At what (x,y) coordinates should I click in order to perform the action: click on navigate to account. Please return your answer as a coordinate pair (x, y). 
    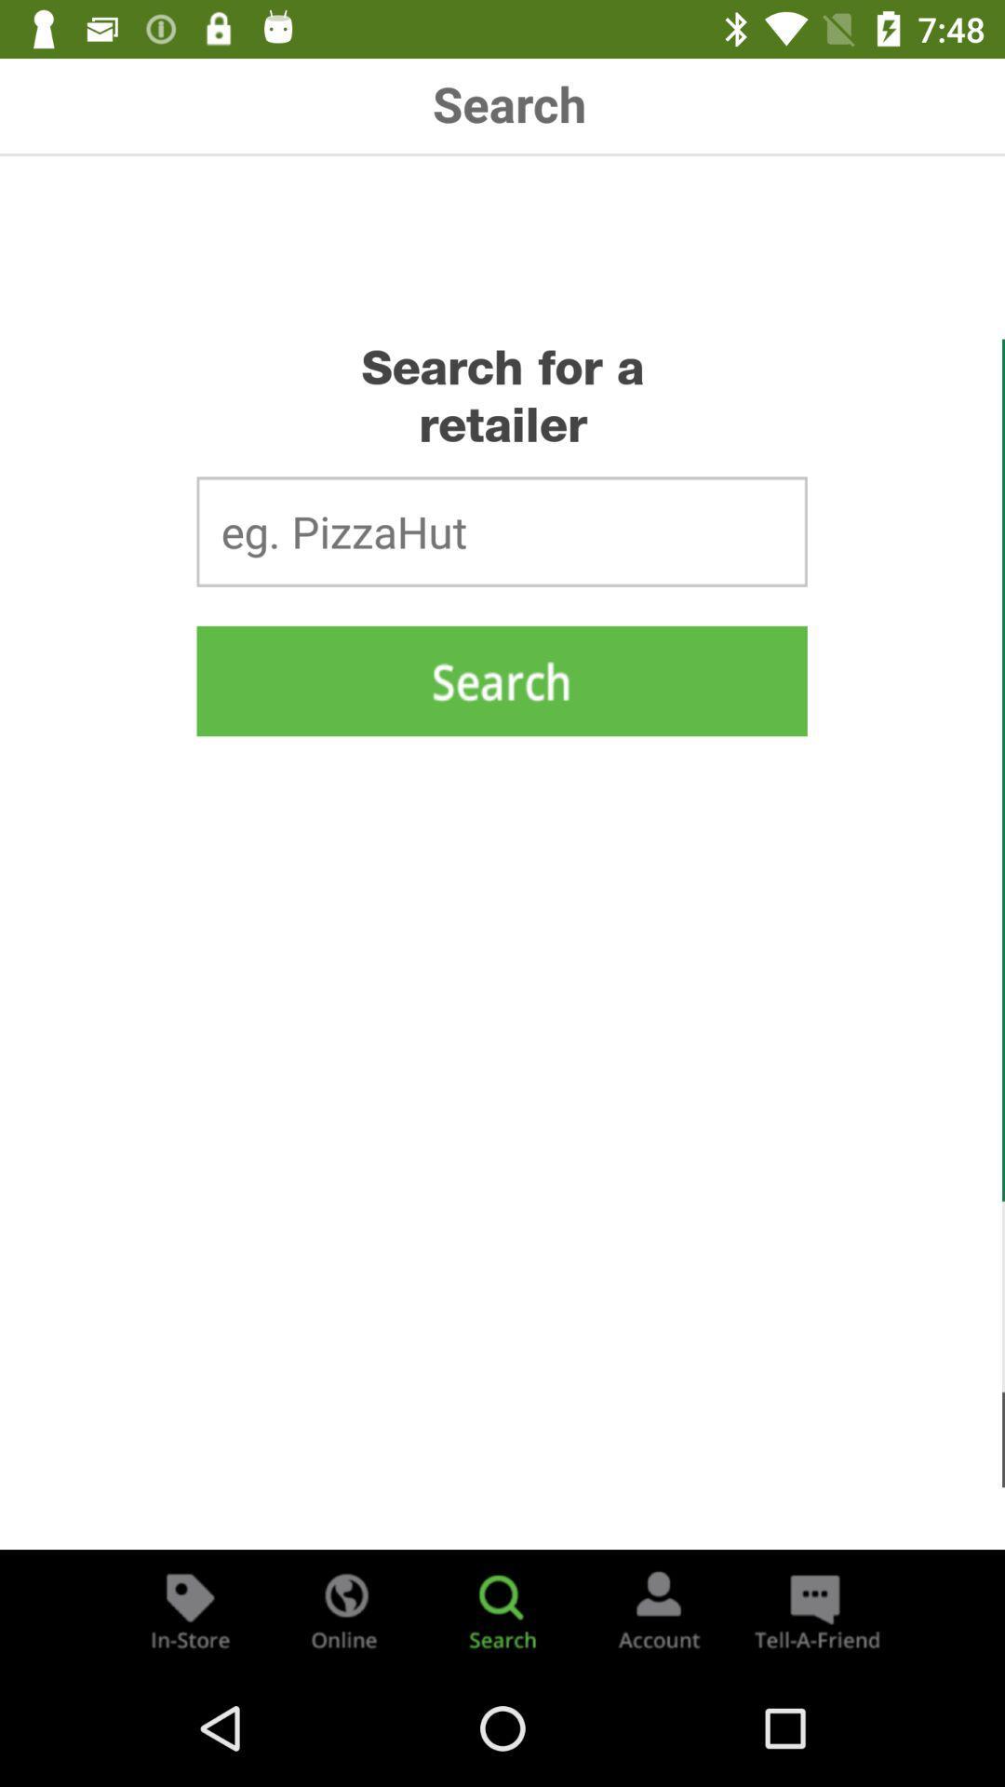
    Looking at the image, I should click on (658, 1608).